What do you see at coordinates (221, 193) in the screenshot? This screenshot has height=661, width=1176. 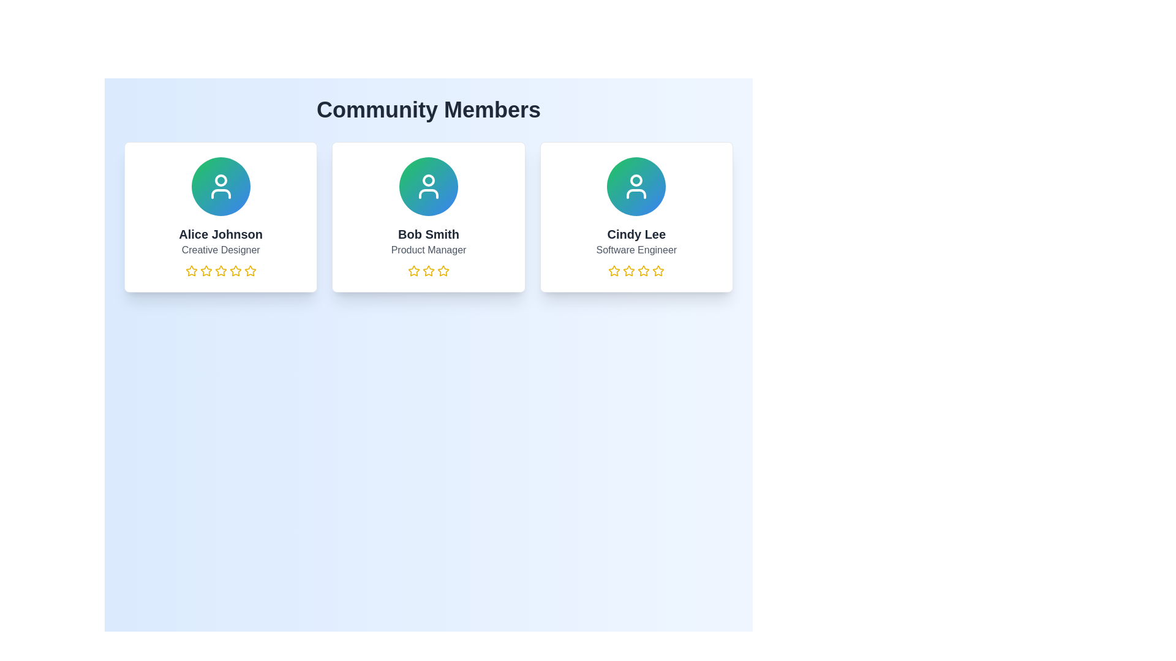 I see `the bottom torso representation of the user silhouette icon in the top-left card labeled 'Alice Johnson'` at bounding box center [221, 193].